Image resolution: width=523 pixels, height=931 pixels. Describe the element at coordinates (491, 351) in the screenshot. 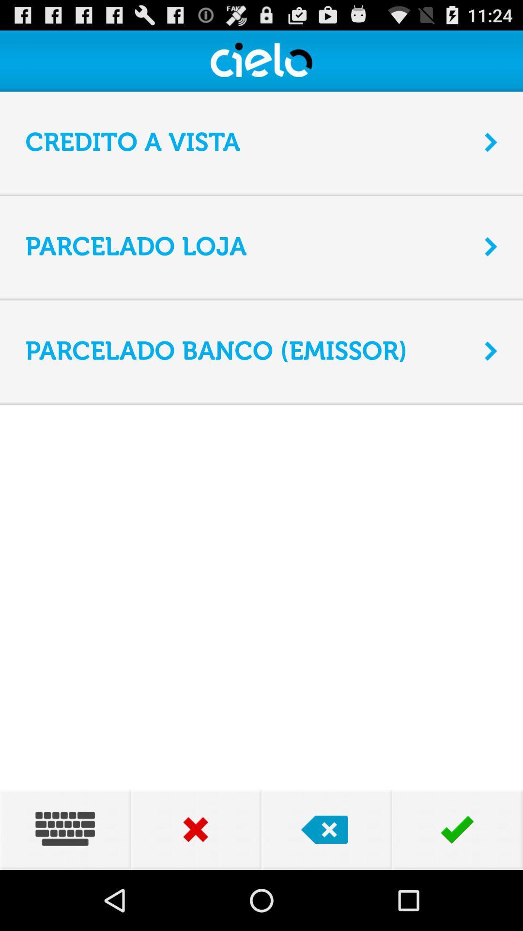

I see `item next to parcelado banco (emissor)` at that location.